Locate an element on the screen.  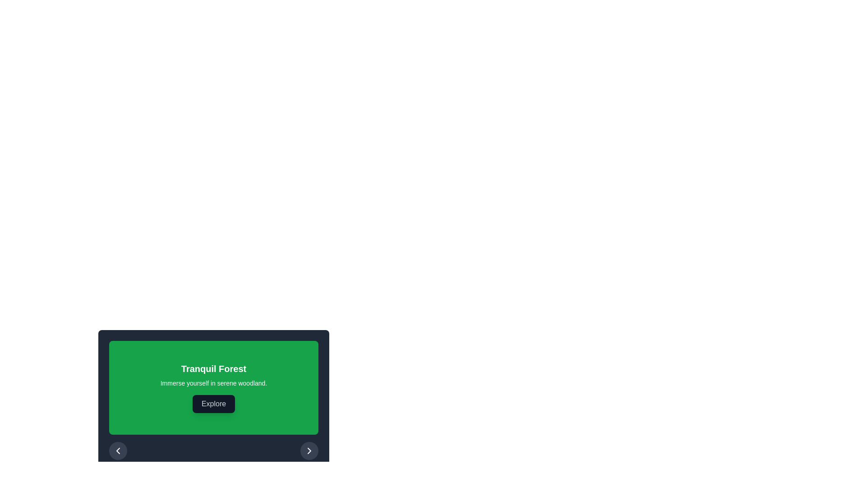
the chevron icon located at the bottom-right corner of the interface section, which is inside a round clickable button with a dark gray background and white border is located at coordinates (309, 450).